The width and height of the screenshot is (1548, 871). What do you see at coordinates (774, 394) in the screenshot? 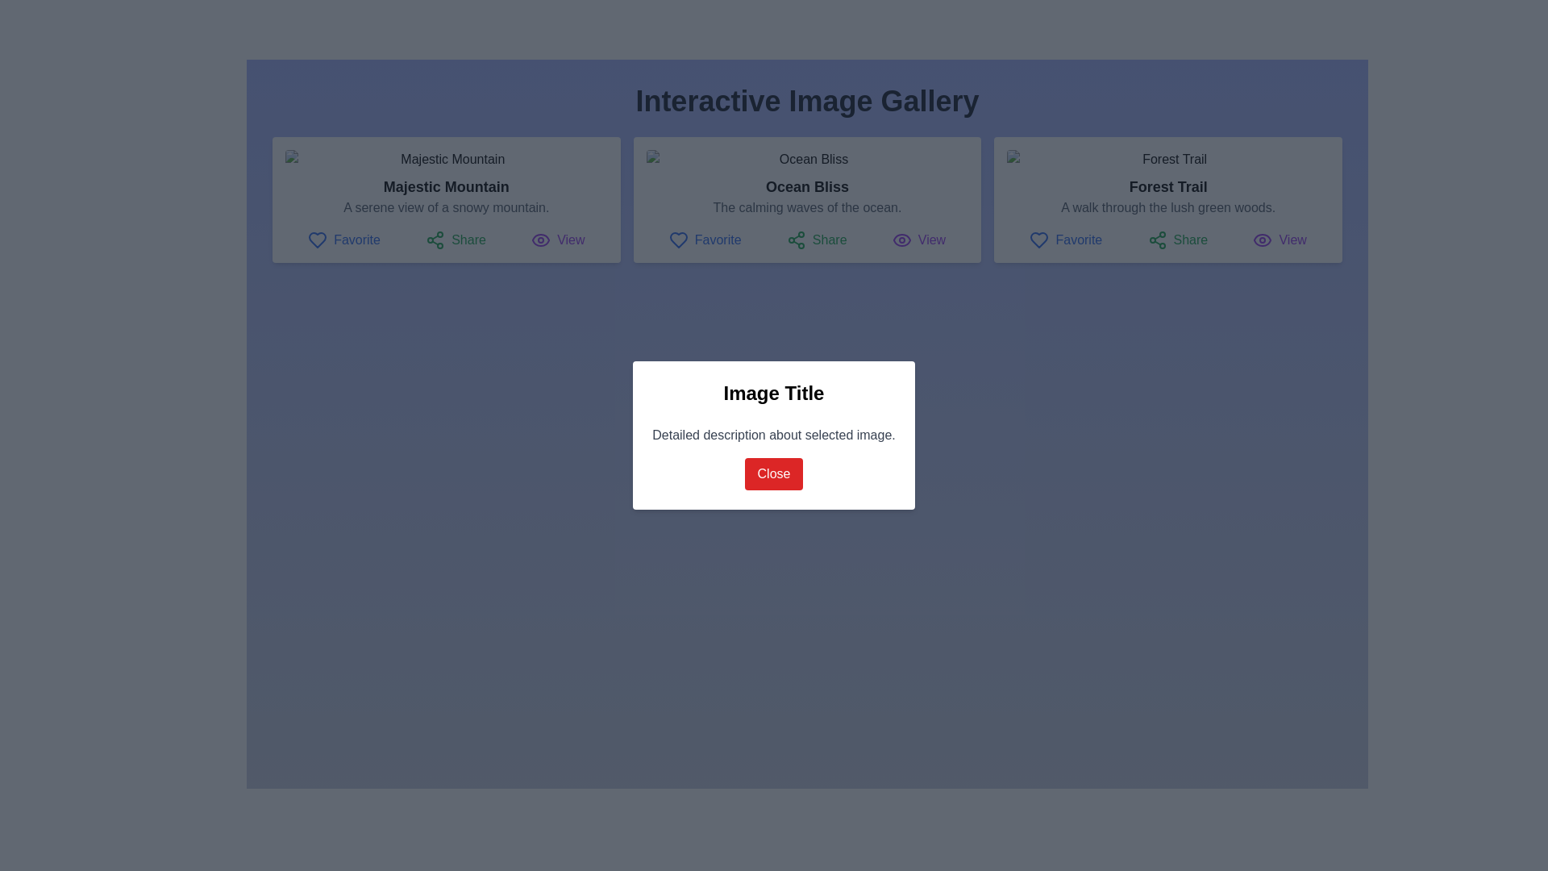
I see `bold, large-sized text labeled 'Image Title' located at the top of the white dialog box in the modal` at bounding box center [774, 394].